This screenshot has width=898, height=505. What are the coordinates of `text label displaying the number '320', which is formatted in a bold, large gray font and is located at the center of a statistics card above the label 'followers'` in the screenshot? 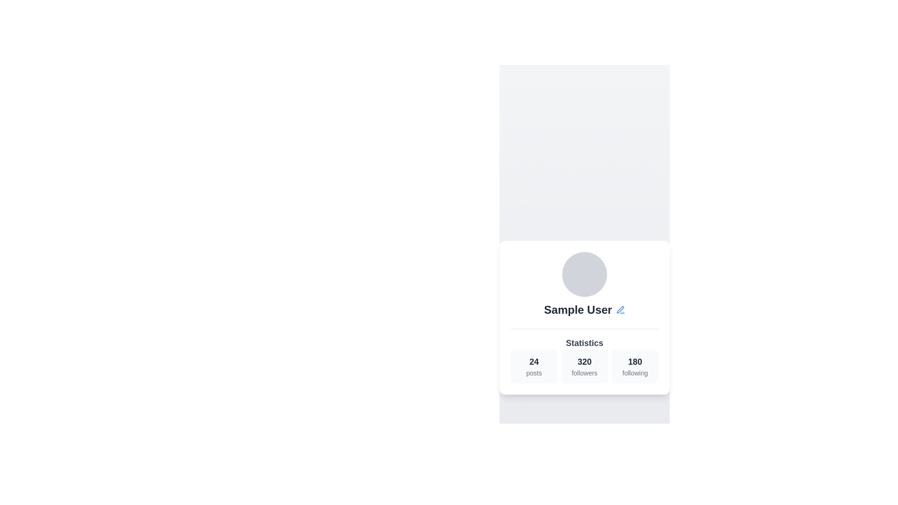 It's located at (584, 361).